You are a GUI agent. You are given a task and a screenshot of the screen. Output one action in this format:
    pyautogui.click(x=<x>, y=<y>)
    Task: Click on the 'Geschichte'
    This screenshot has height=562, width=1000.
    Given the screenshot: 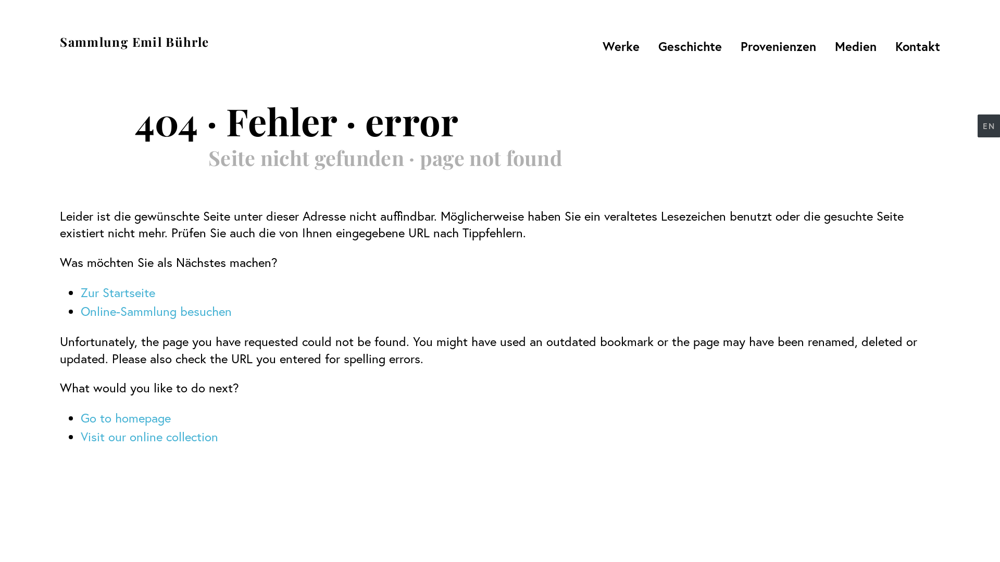 What is the action you would take?
    pyautogui.click(x=652, y=45)
    